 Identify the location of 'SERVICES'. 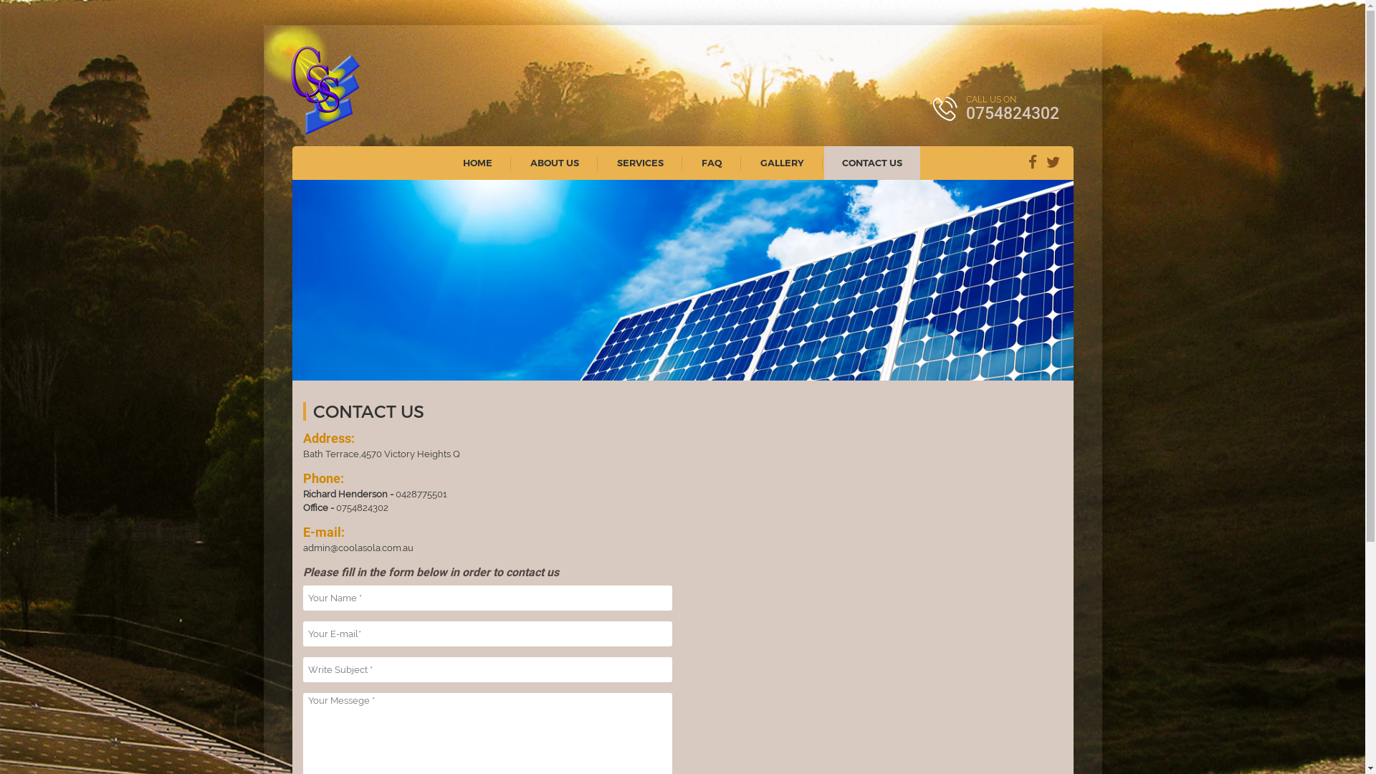
(598, 162).